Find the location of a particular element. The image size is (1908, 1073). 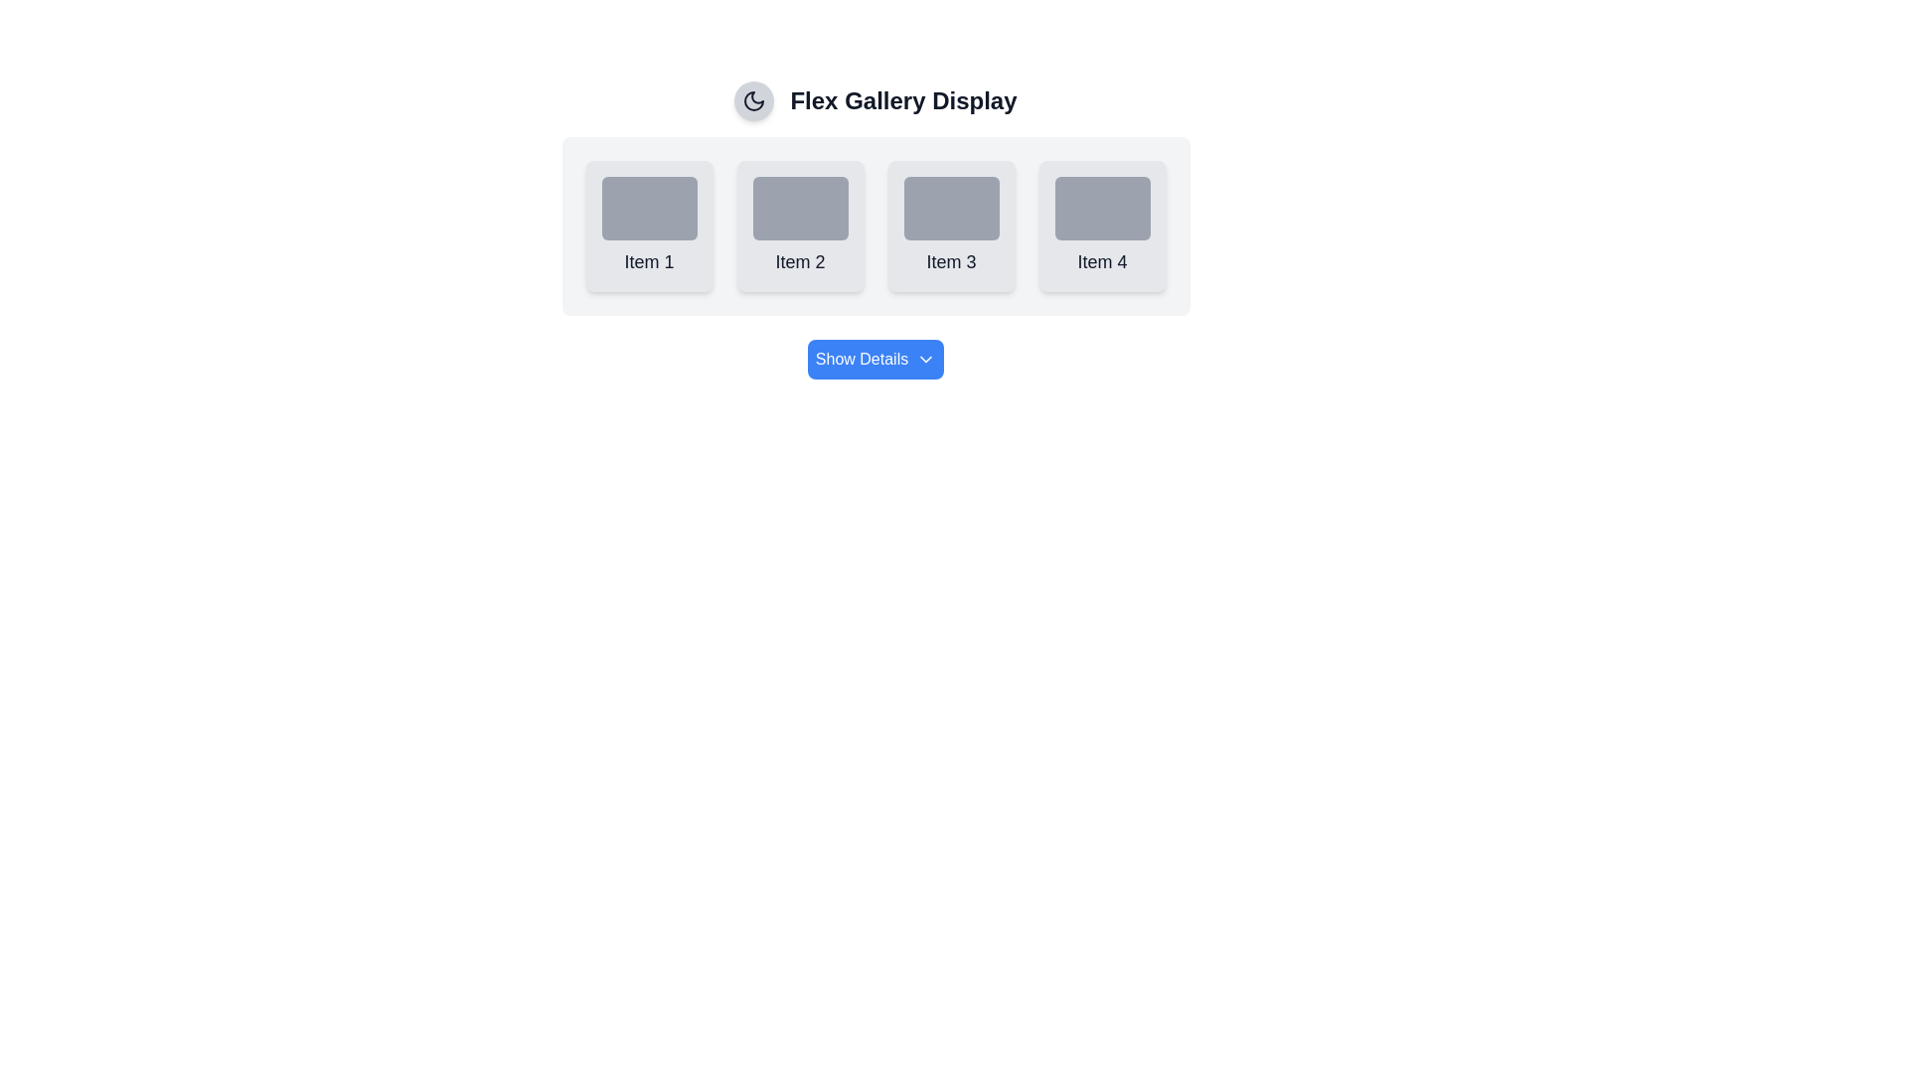

'Show Details' text label within the blue rectangular button to understand its function is located at coordinates (862, 360).